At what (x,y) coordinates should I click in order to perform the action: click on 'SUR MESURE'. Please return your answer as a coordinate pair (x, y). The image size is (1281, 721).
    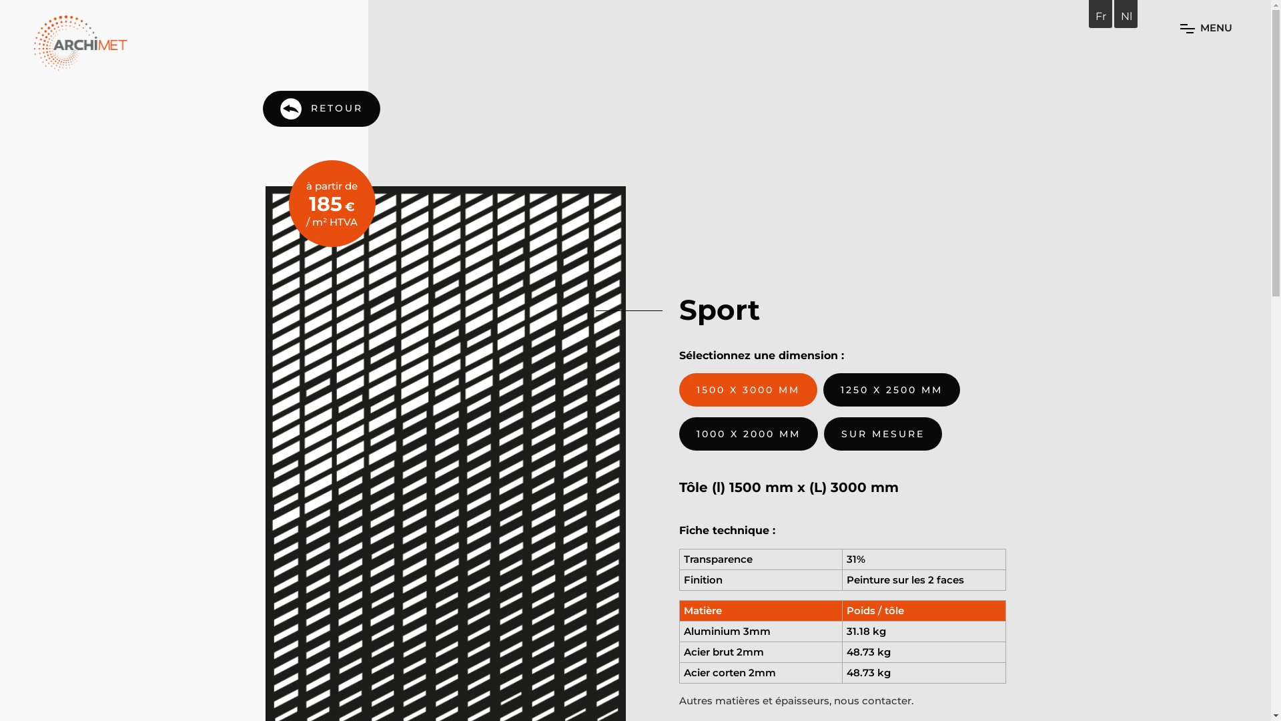
    Looking at the image, I should click on (822, 434).